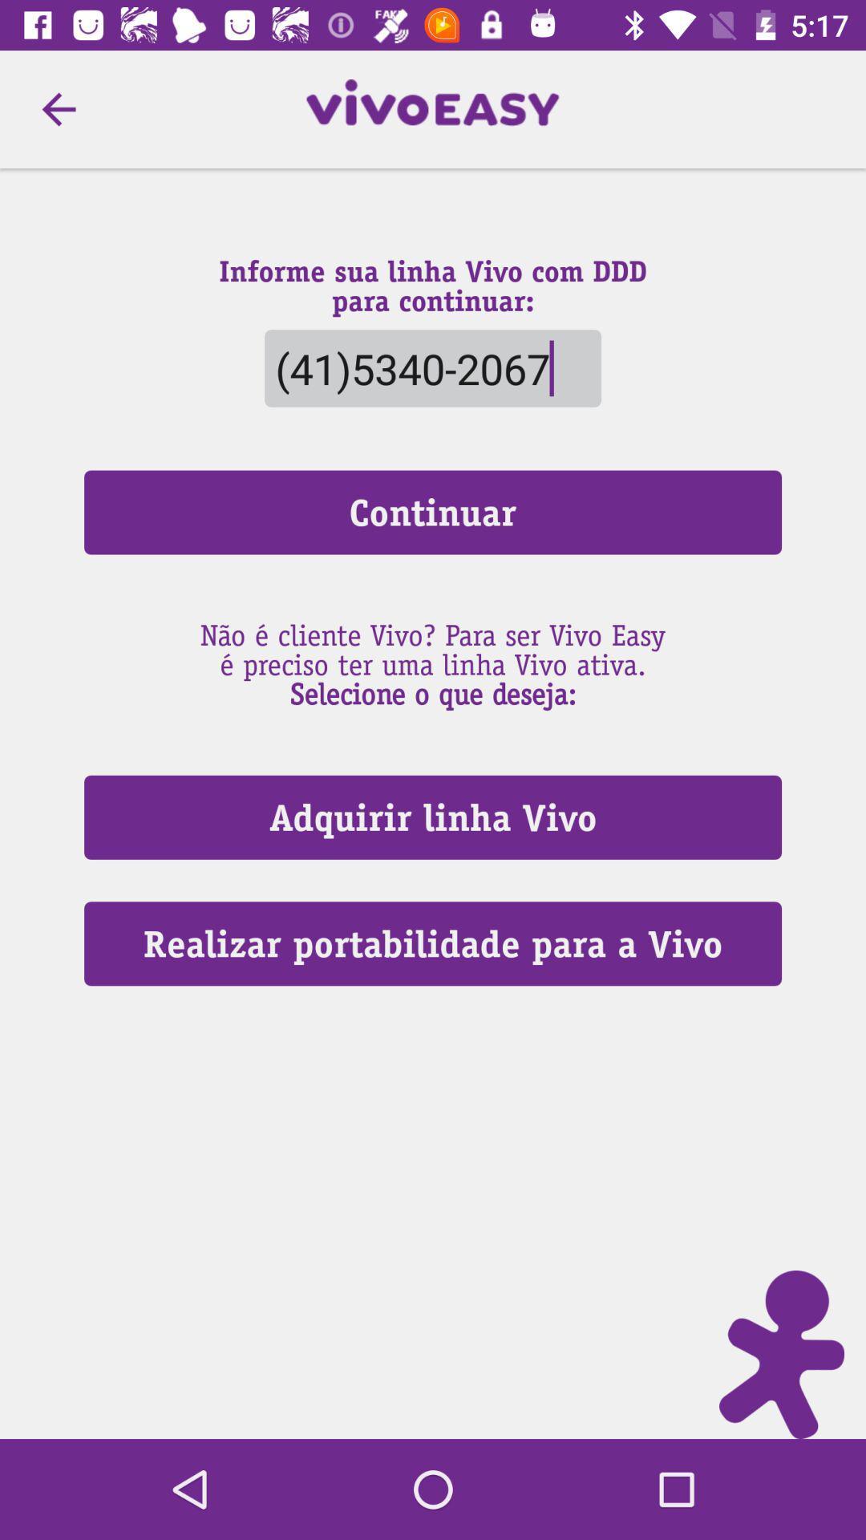  I want to click on the (41)5340-2067 item, so click(433, 367).